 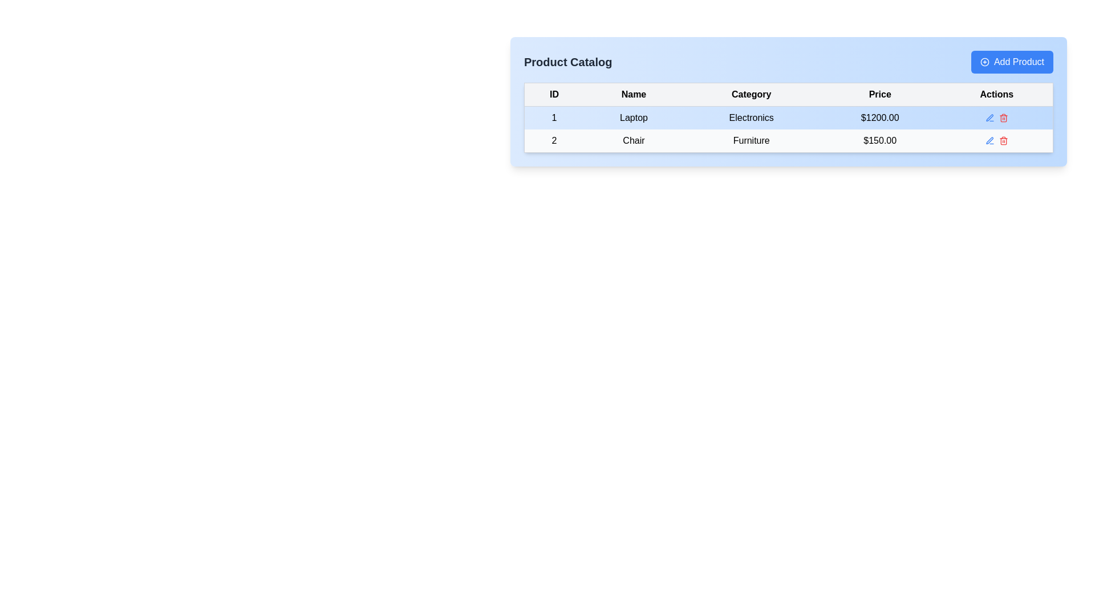 I want to click on the Text display field showing the price '$150.00' located in the second row of the product table under the 'Price' column, so click(x=879, y=140).